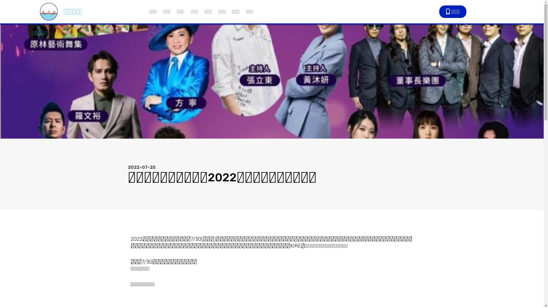 Image resolution: width=548 pixels, height=308 pixels. What do you see at coordinates (142, 167) in the screenshot?
I see `'2022-07-25'` at bounding box center [142, 167].